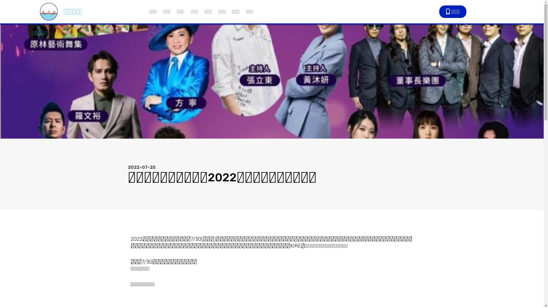 Image resolution: width=548 pixels, height=308 pixels. What do you see at coordinates (142, 167) in the screenshot?
I see `'2022-07-25'` at bounding box center [142, 167].